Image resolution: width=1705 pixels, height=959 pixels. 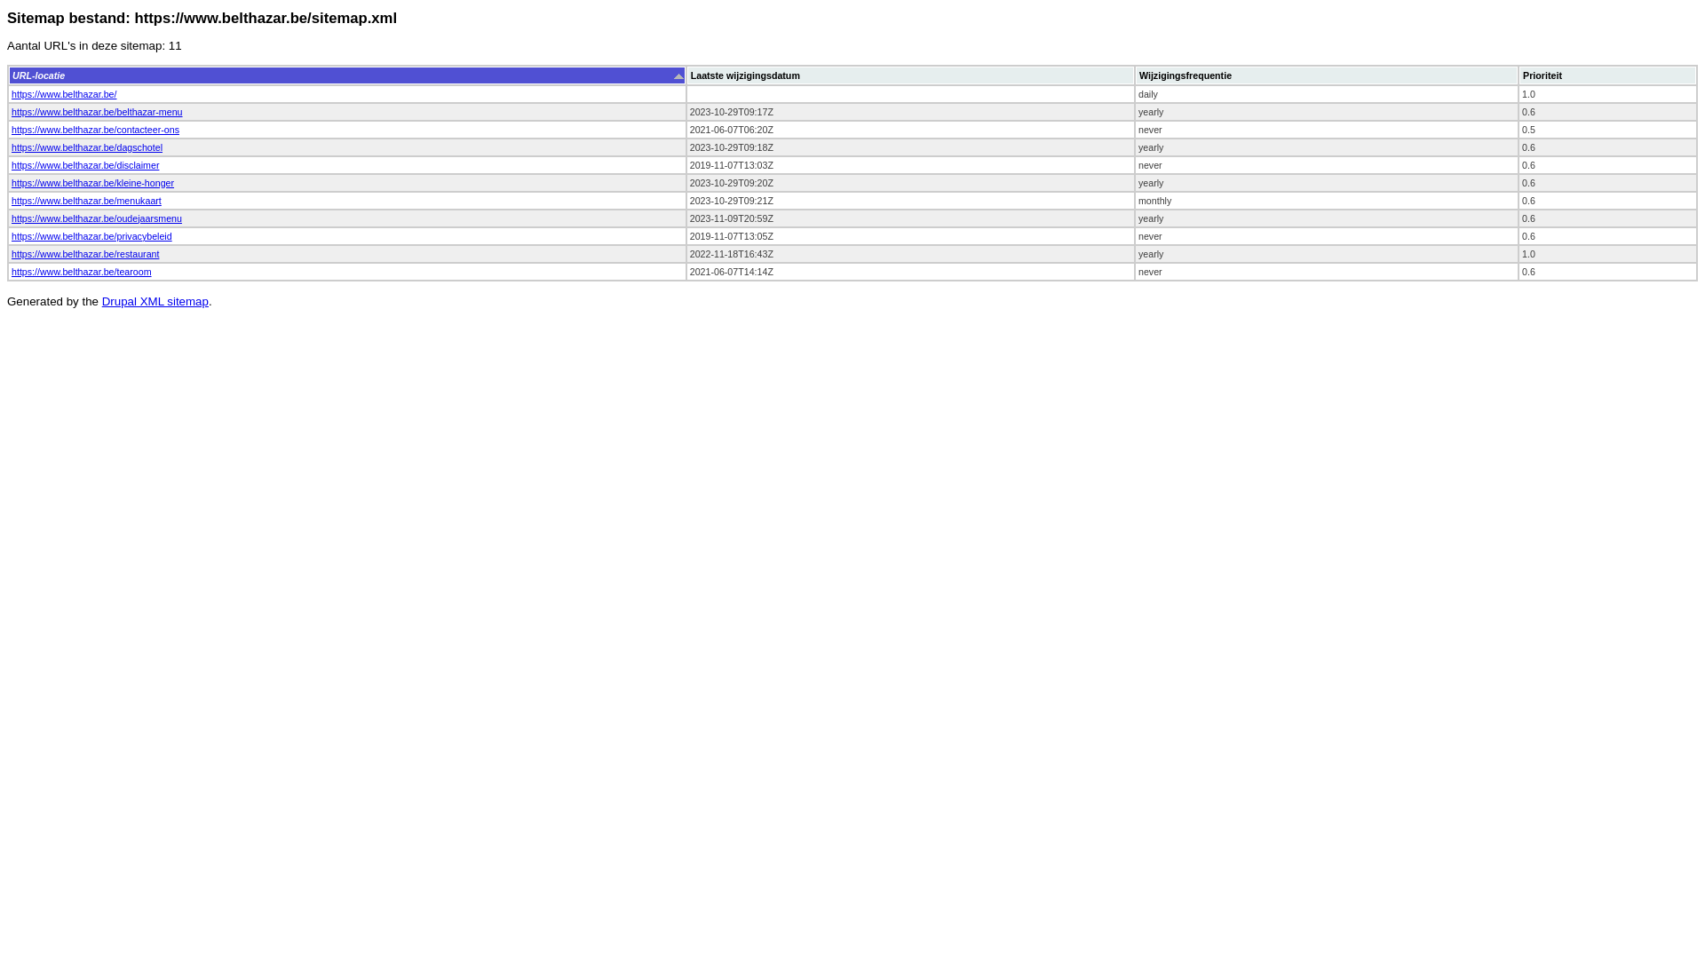 I want to click on 'https://www.belthazar.be/privacybeleid', so click(x=91, y=235).